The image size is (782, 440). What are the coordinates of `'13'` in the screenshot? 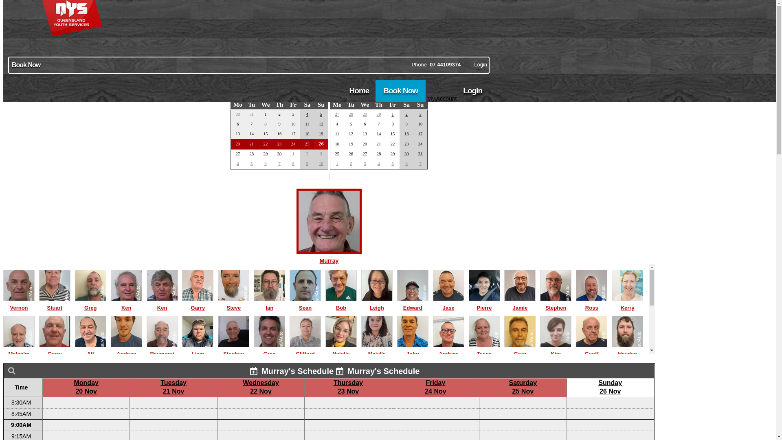 It's located at (362, 133).